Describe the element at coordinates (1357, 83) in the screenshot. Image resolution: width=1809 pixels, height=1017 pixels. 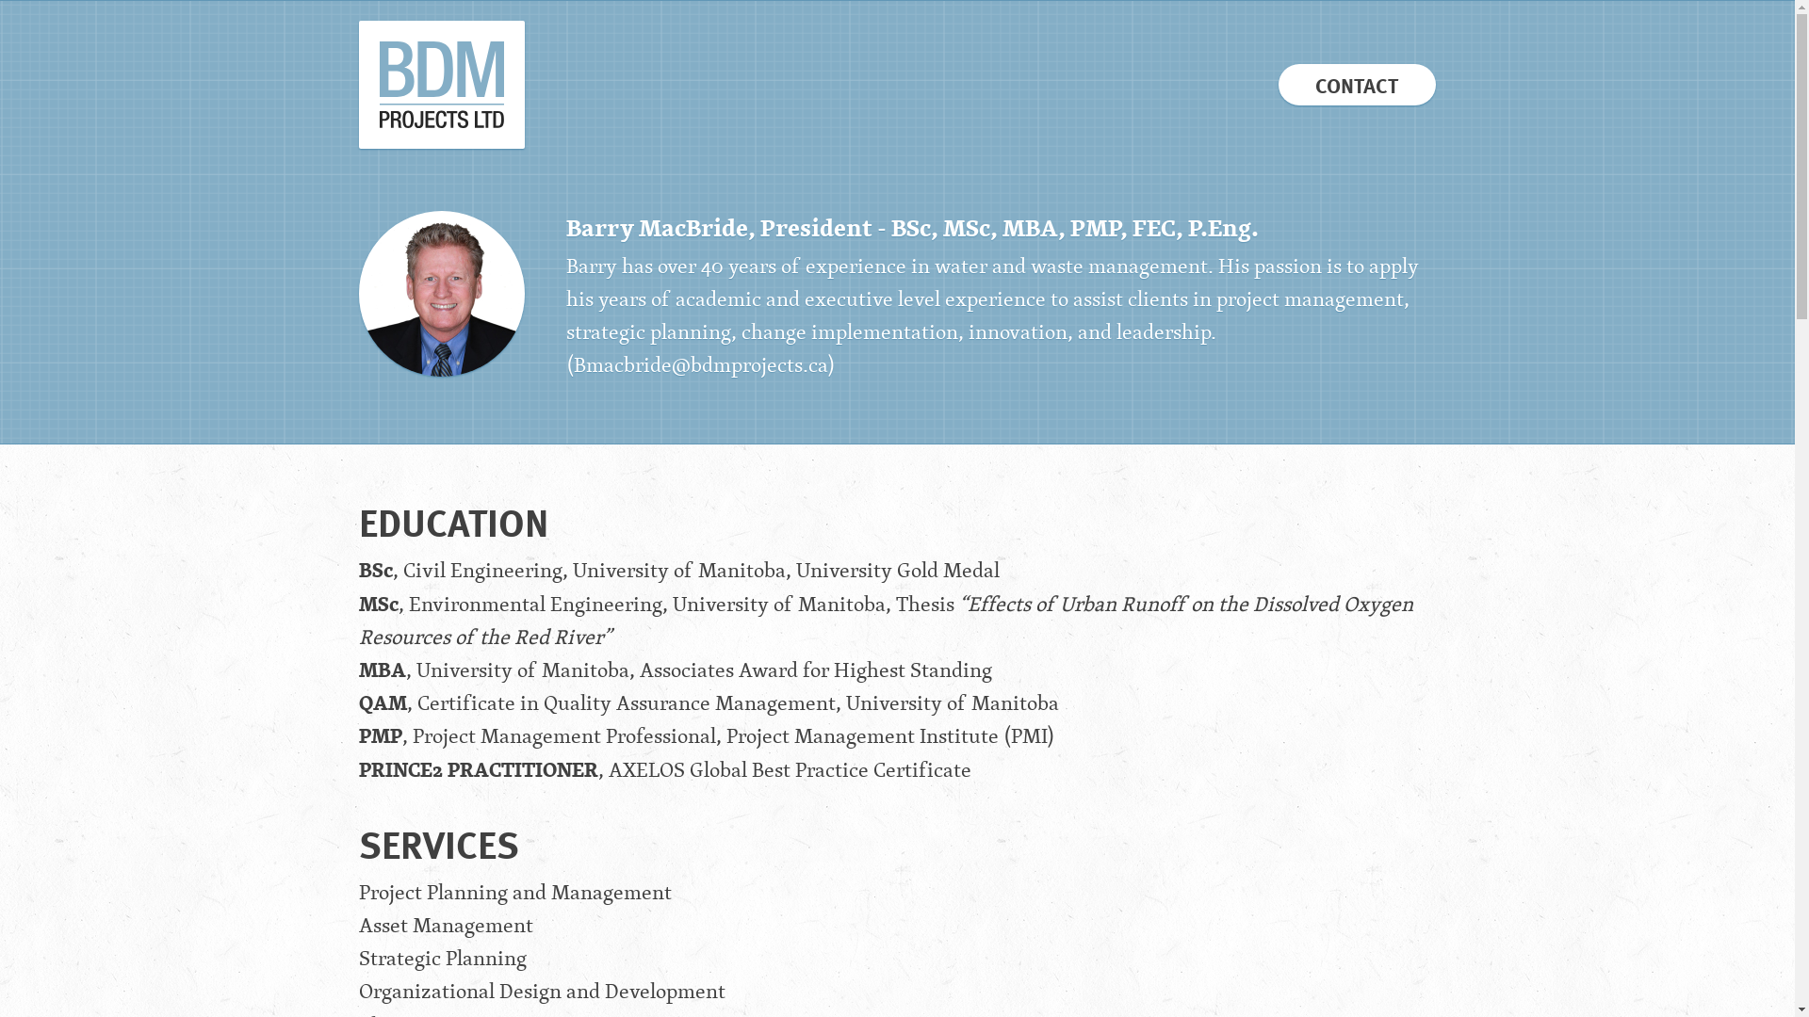
I see `'CONTACT'` at that location.